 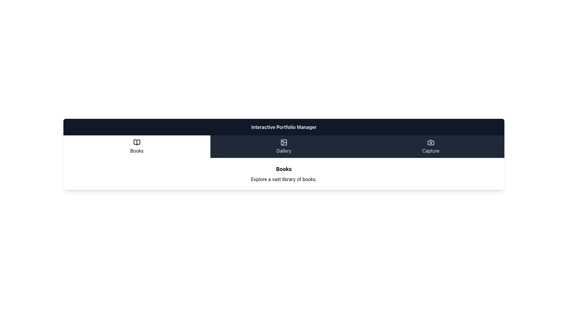 I want to click on the 'Capture' button with a dark background and light text, so click(x=431, y=146).